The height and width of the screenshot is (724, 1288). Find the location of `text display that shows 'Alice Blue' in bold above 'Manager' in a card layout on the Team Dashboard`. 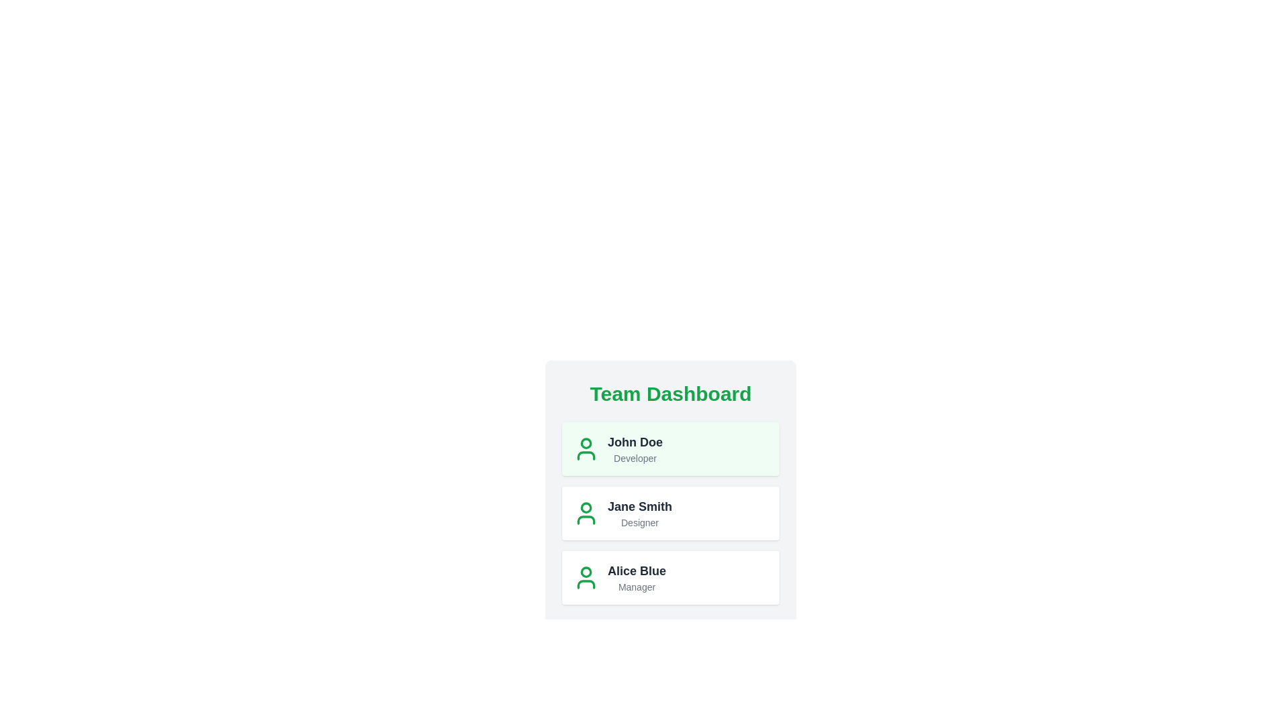

text display that shows 'Alice Blue' in bold above 'Manager' in a card layout on the Team Dashboard is located at coordinates (636, 577).